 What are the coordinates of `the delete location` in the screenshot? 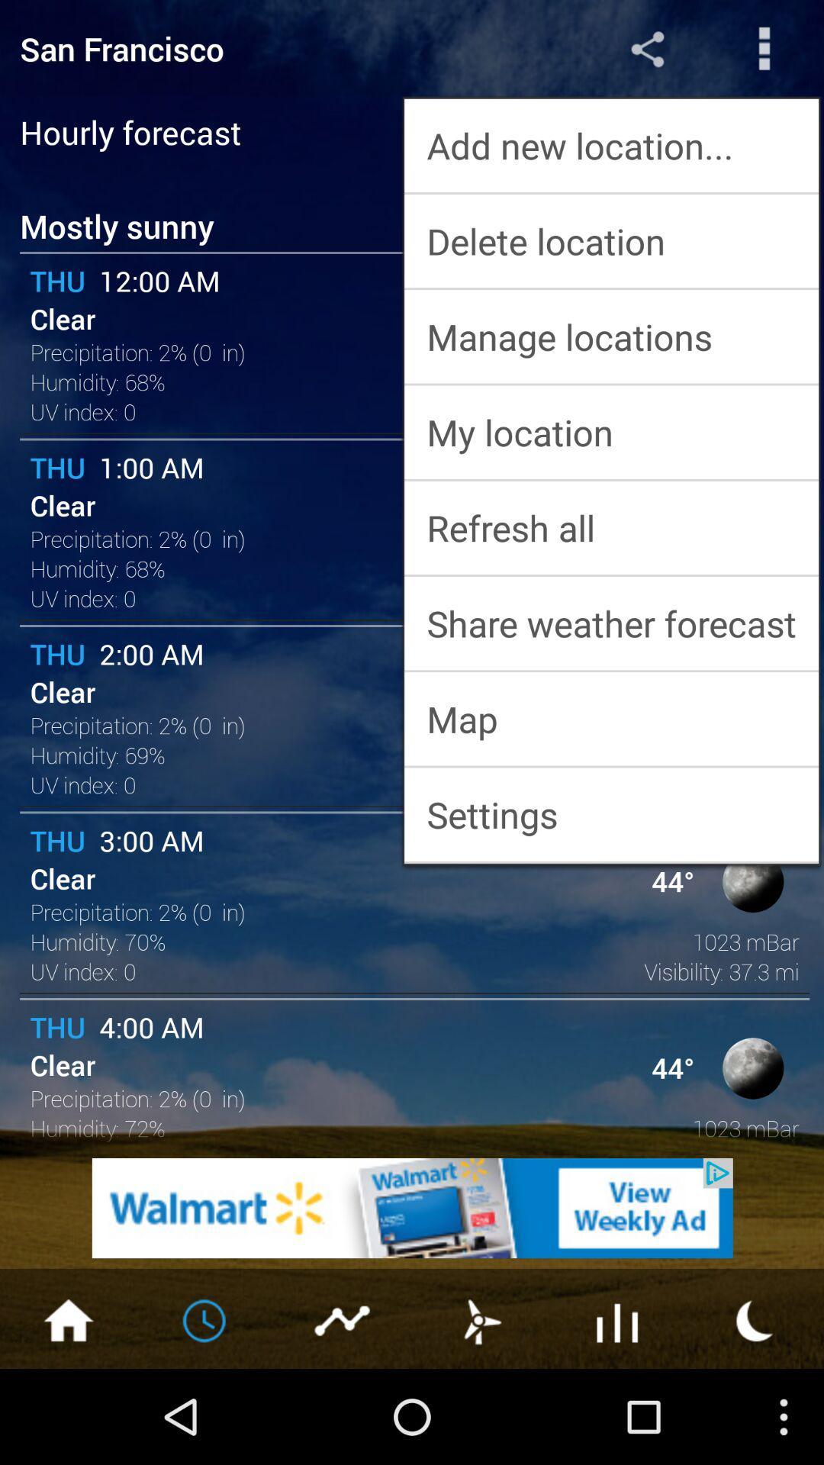 It's located at (610, 240).